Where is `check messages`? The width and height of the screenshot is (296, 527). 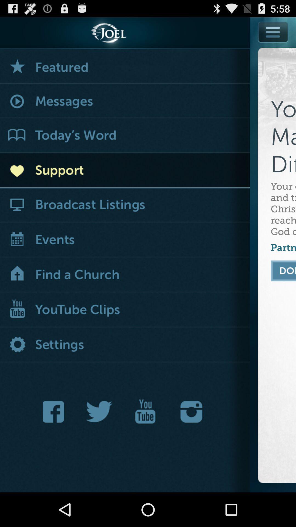
check messages is located at coordinates (125, 101).